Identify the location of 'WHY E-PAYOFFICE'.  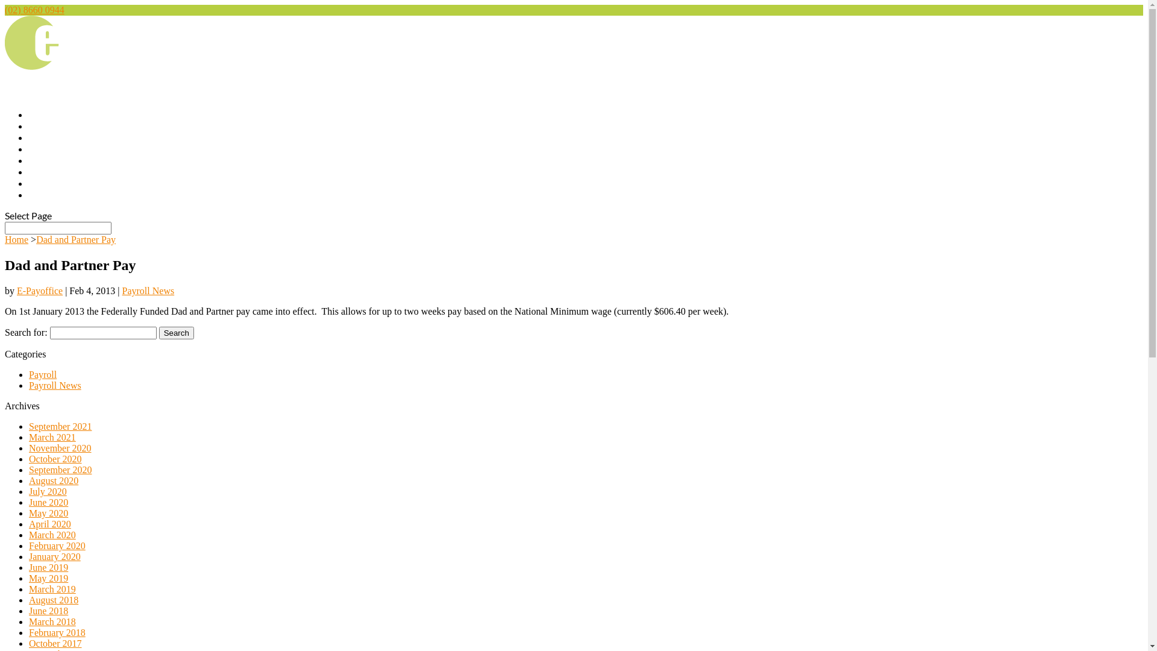
(29, 150).